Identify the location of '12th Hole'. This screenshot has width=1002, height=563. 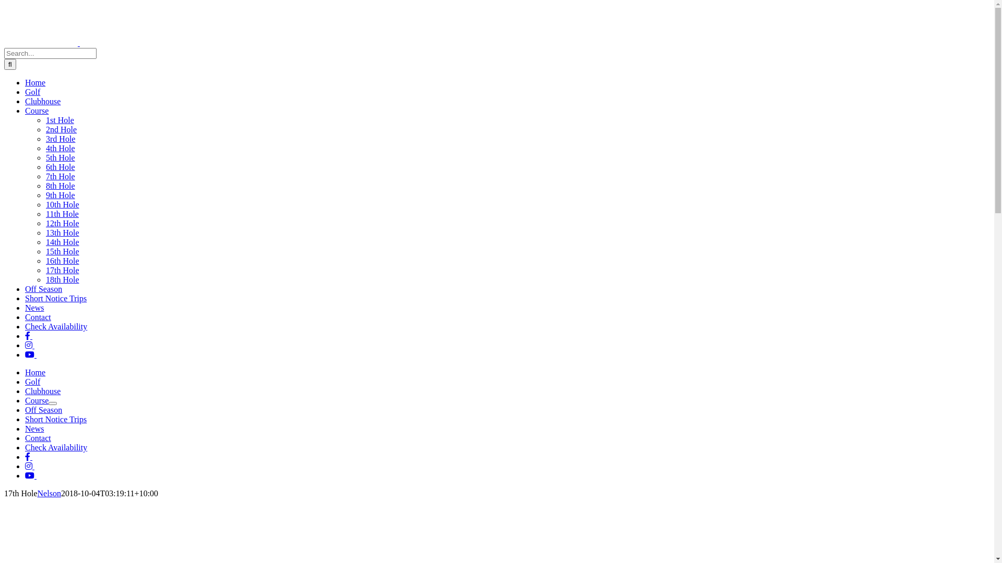
(62, 223).